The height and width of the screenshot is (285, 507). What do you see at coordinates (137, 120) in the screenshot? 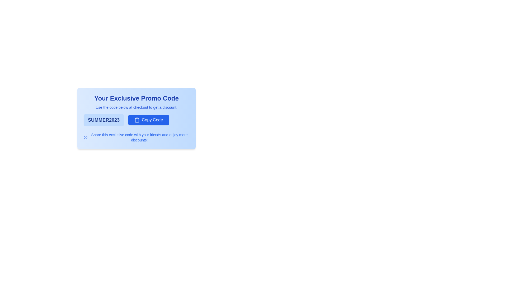
I see `the clipboard icon located within the blue button labeled 'Copy Code', which is positioned to the left of the text label inside the button` at bounding box center [137, 120].